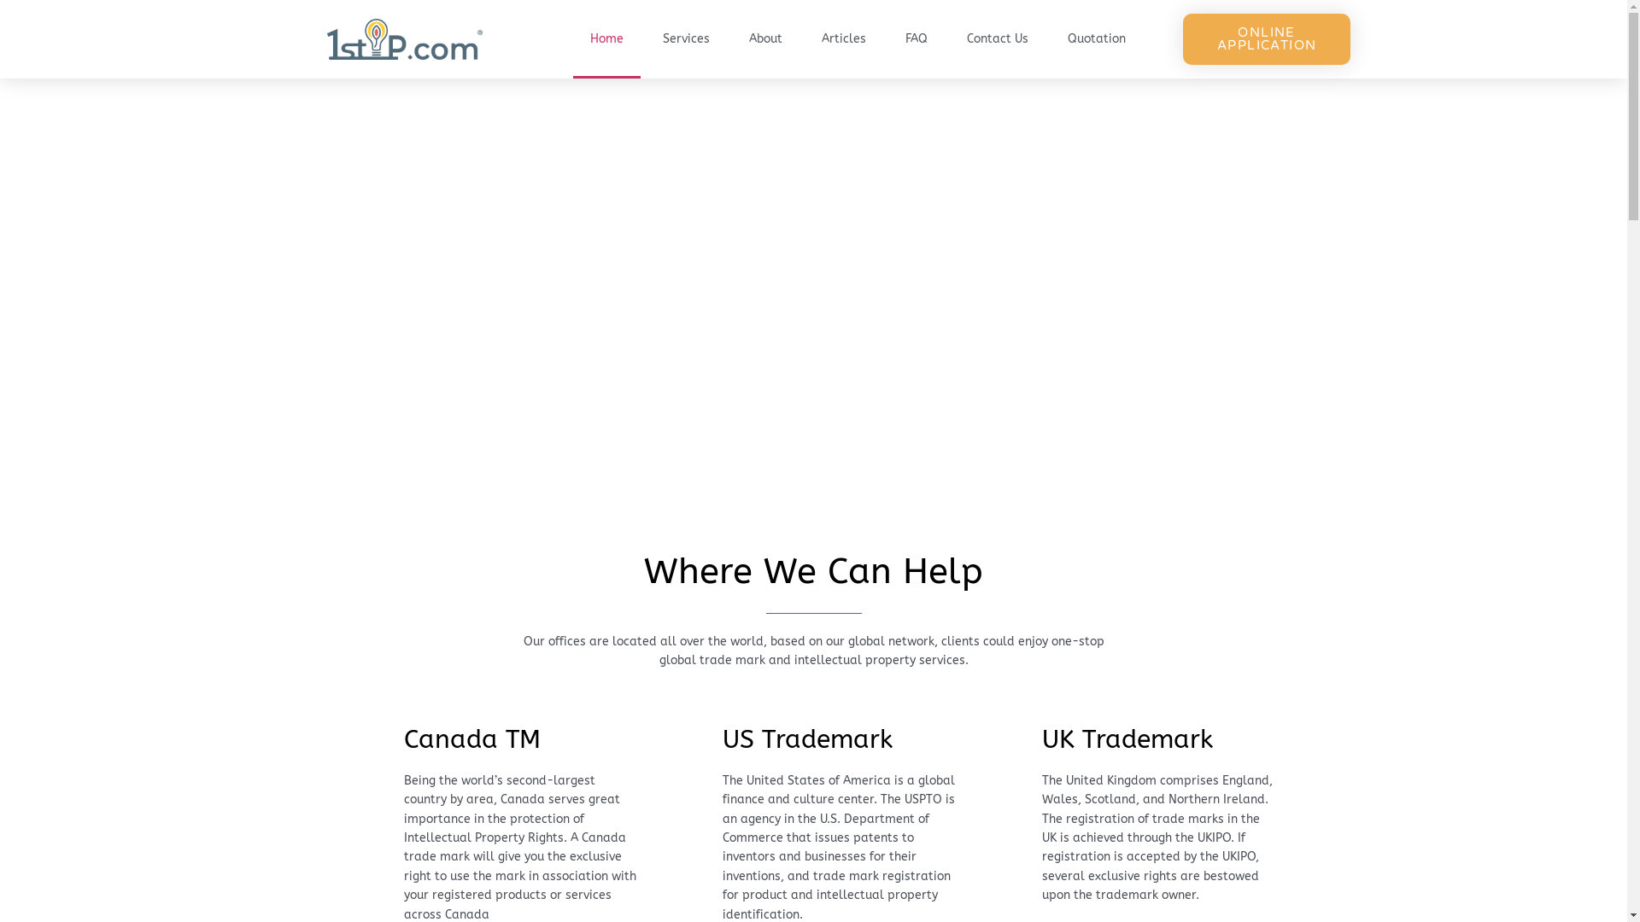  Describe the element at coordinates (1096, 38) in the screenshot. I see `'Quotation'` at that location.